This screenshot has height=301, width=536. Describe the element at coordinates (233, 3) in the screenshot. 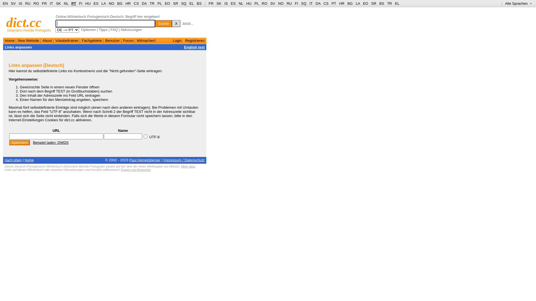

I see `'ES'` at that location.